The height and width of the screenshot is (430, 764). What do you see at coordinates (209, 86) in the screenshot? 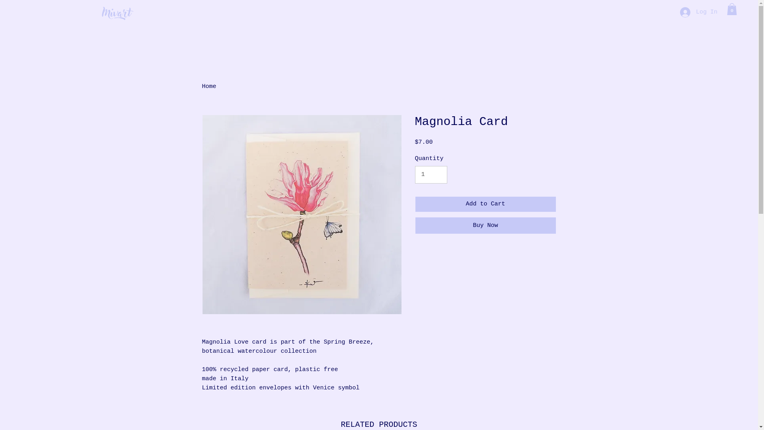
I see `'Home'` at bounding box center [209, 86].